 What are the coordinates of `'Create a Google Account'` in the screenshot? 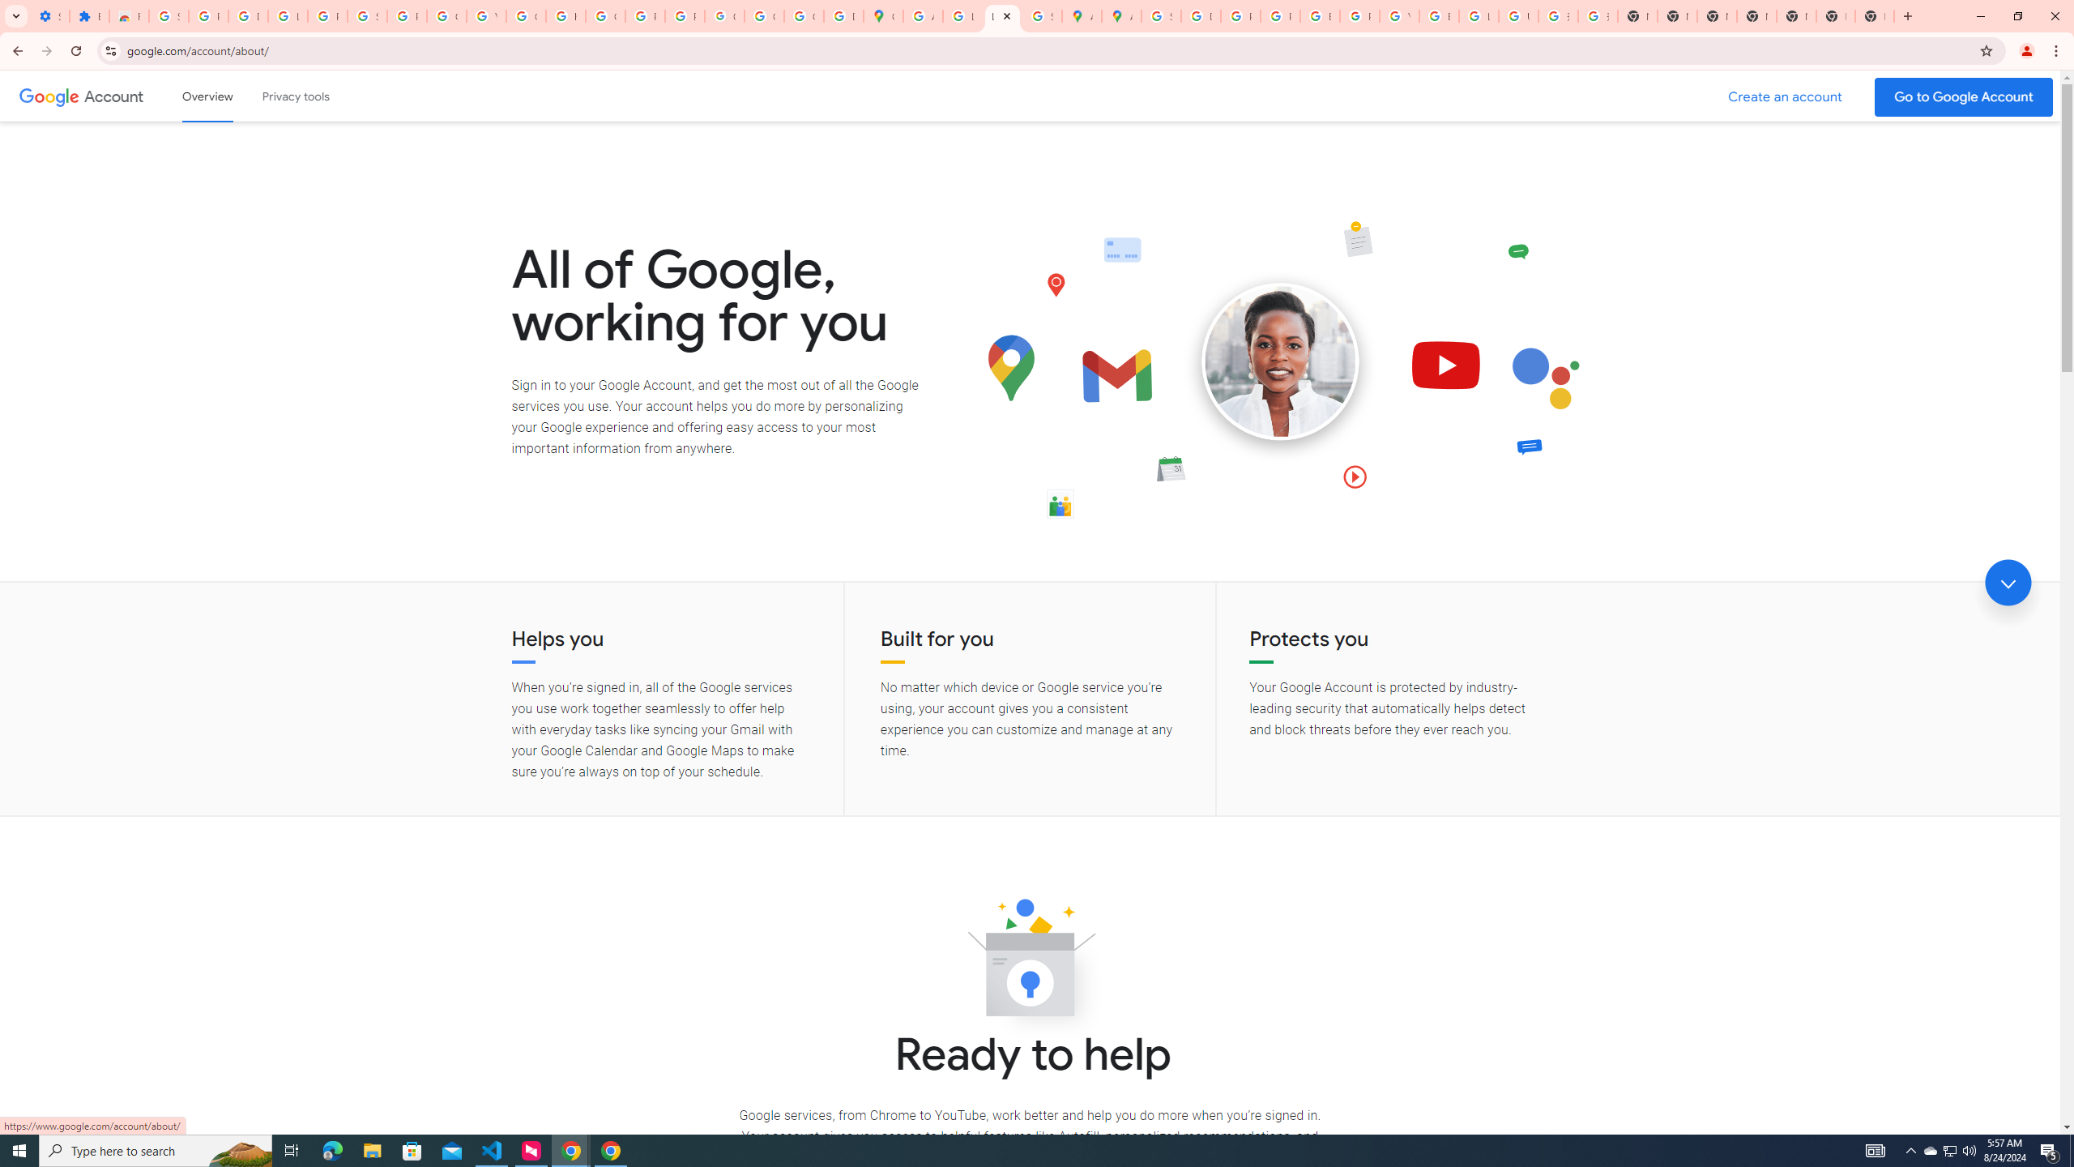 It's located at (1786, 96).